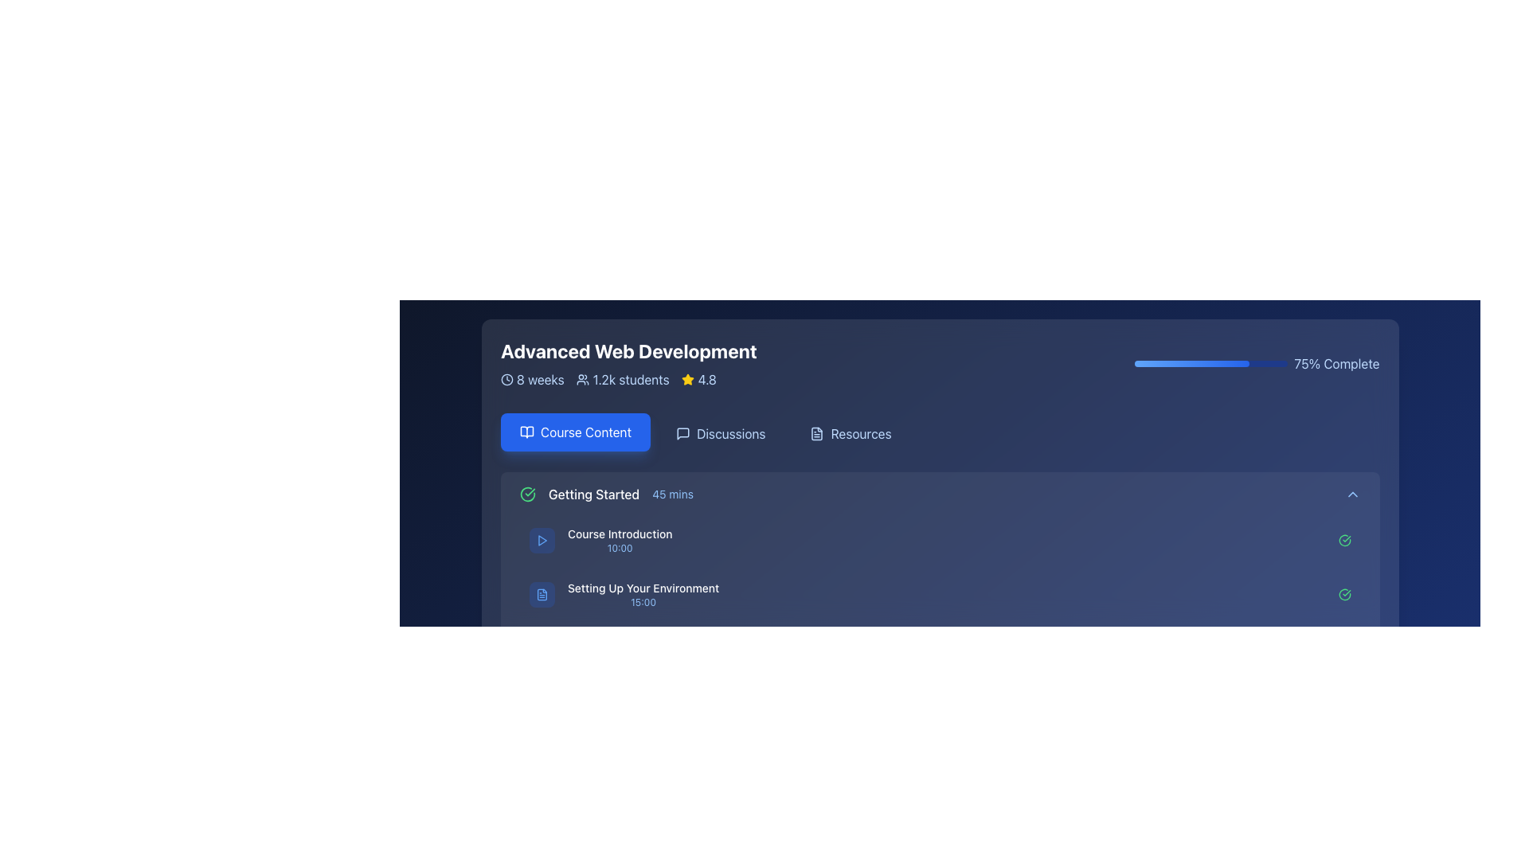 This screenshot has height=860, width=1529. I want to click on the graphical icon resembling a document with text lines, which is located on the second row of items in the 'Getting Started' section of the 'Course Content' area, so click(542, 595).